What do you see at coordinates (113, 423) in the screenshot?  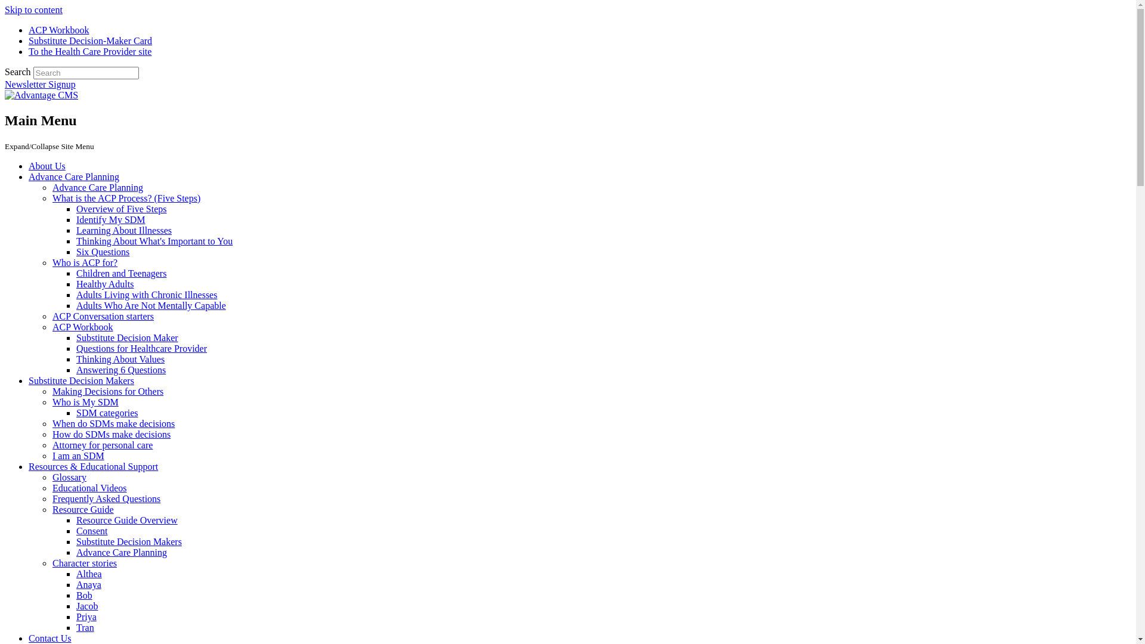 I see `'When do SDMs make decisions'` at bounding box center [113, 423].